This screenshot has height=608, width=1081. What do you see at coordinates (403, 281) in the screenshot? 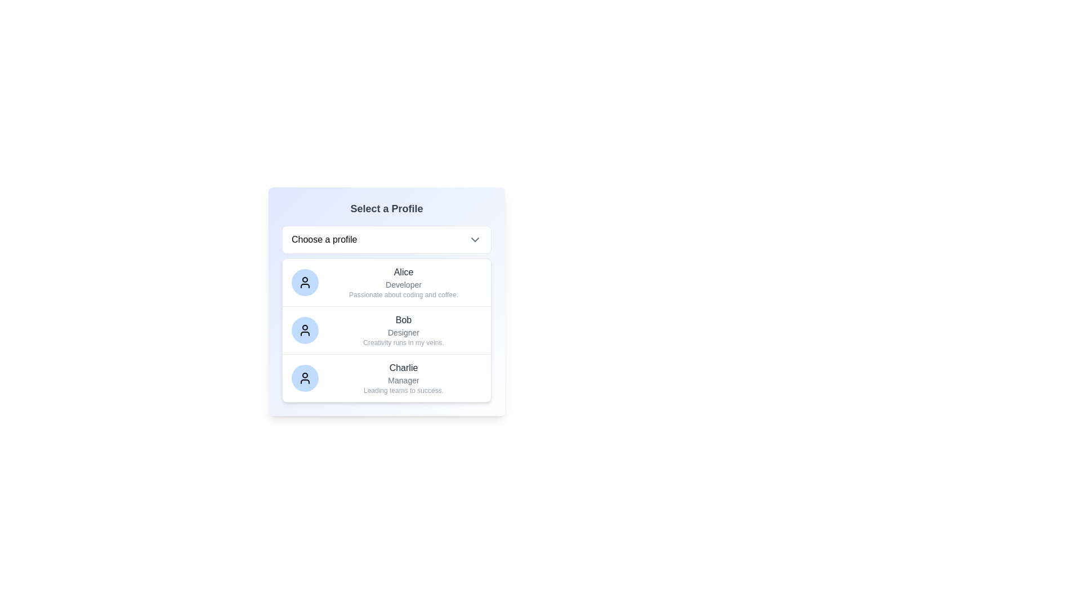
I see `the text block displaying 'Alice', 'Developer', and 'Passionate about coding and coffee.'` at bounding box center [403, 281].